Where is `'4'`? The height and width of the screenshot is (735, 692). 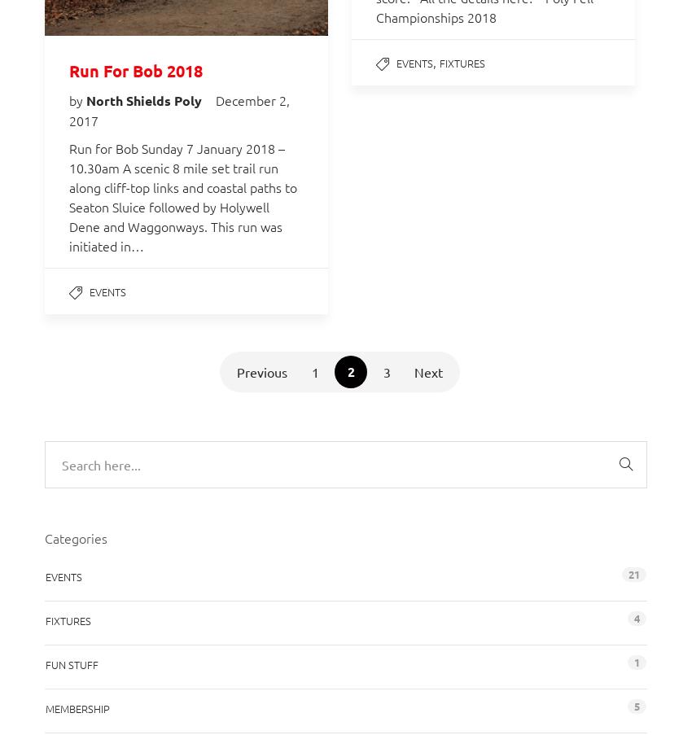 '4' is located at coordinates (636, 617).